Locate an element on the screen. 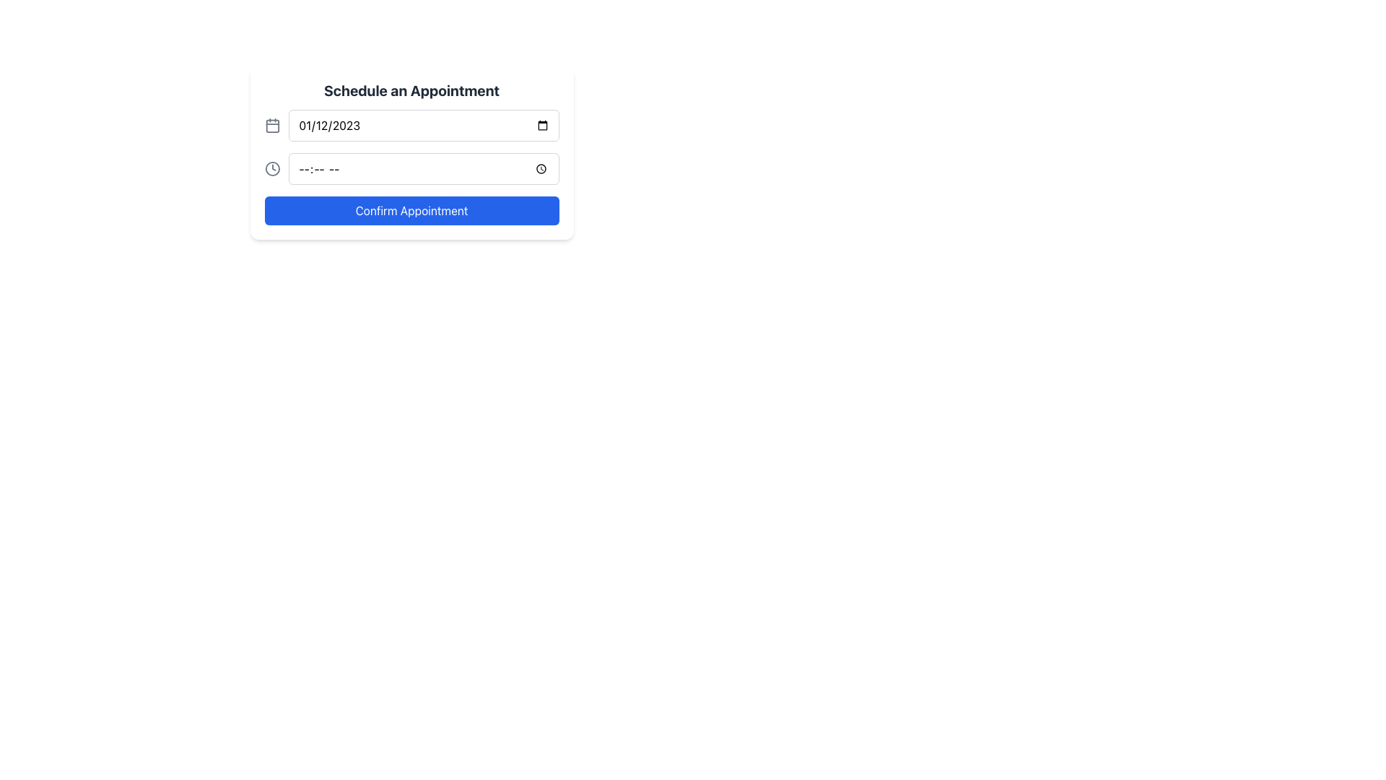 The height and width of the screenshot is (780, 1386). the bold, large heading that displays 'Schedule an Appointment', located at the top of a white rectangular card with a shadow effect is located at coordinates (411, 91).